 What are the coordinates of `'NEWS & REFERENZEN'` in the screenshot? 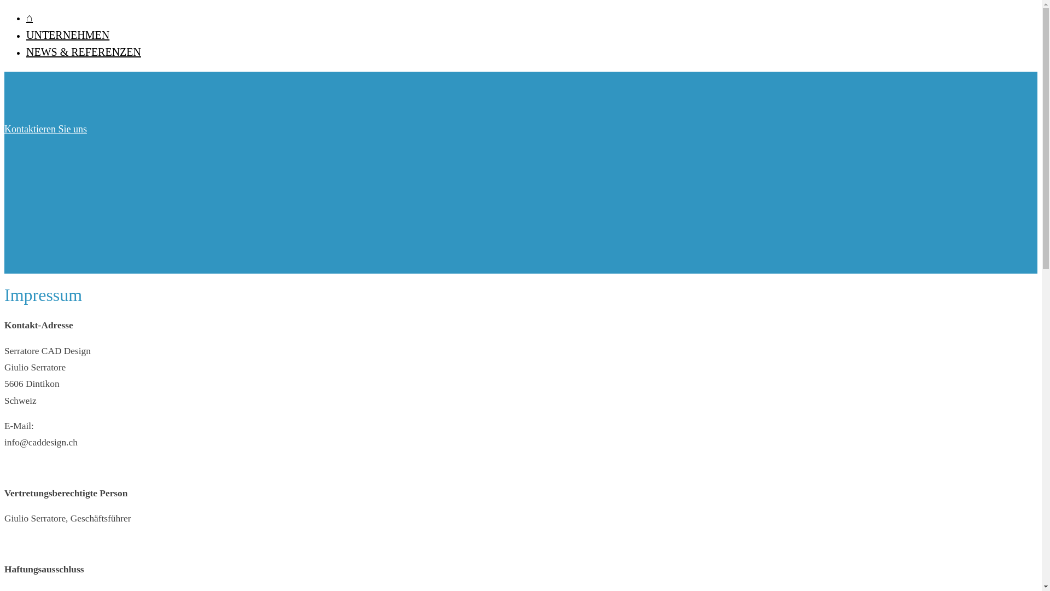 It's located at (83, 52).